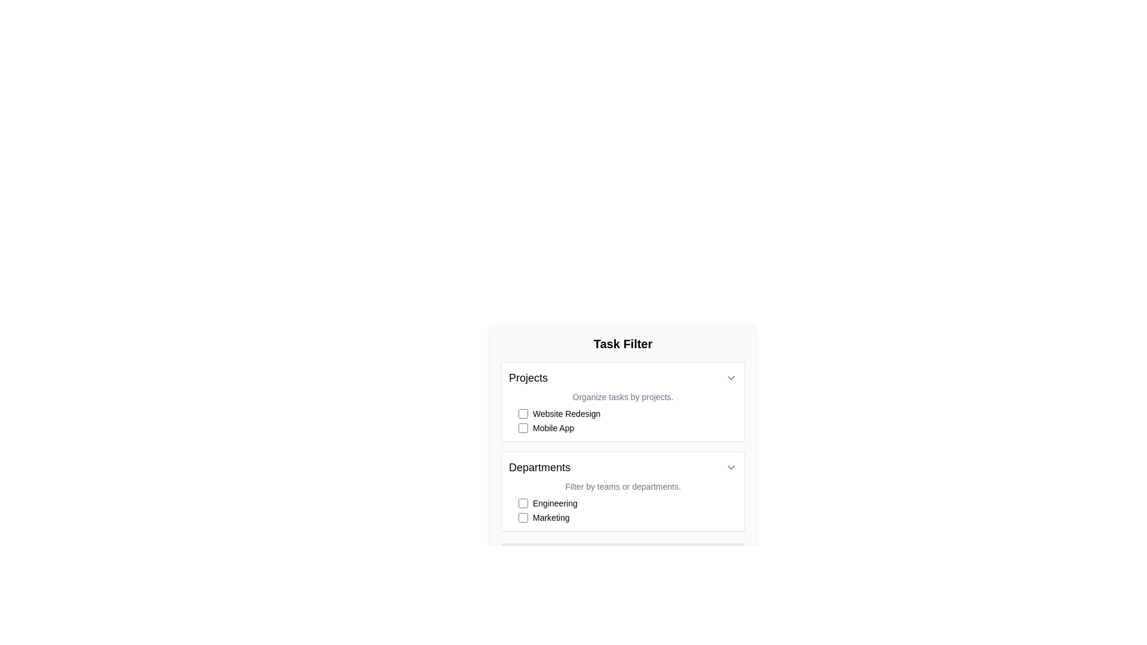 This screenshot has width=1147, height=645. Describe the element at coordinates (553, 428) in the screenshot. I see `the 'Mobile App' text label to associate it with its corresponding checkbox for selection` at that location.